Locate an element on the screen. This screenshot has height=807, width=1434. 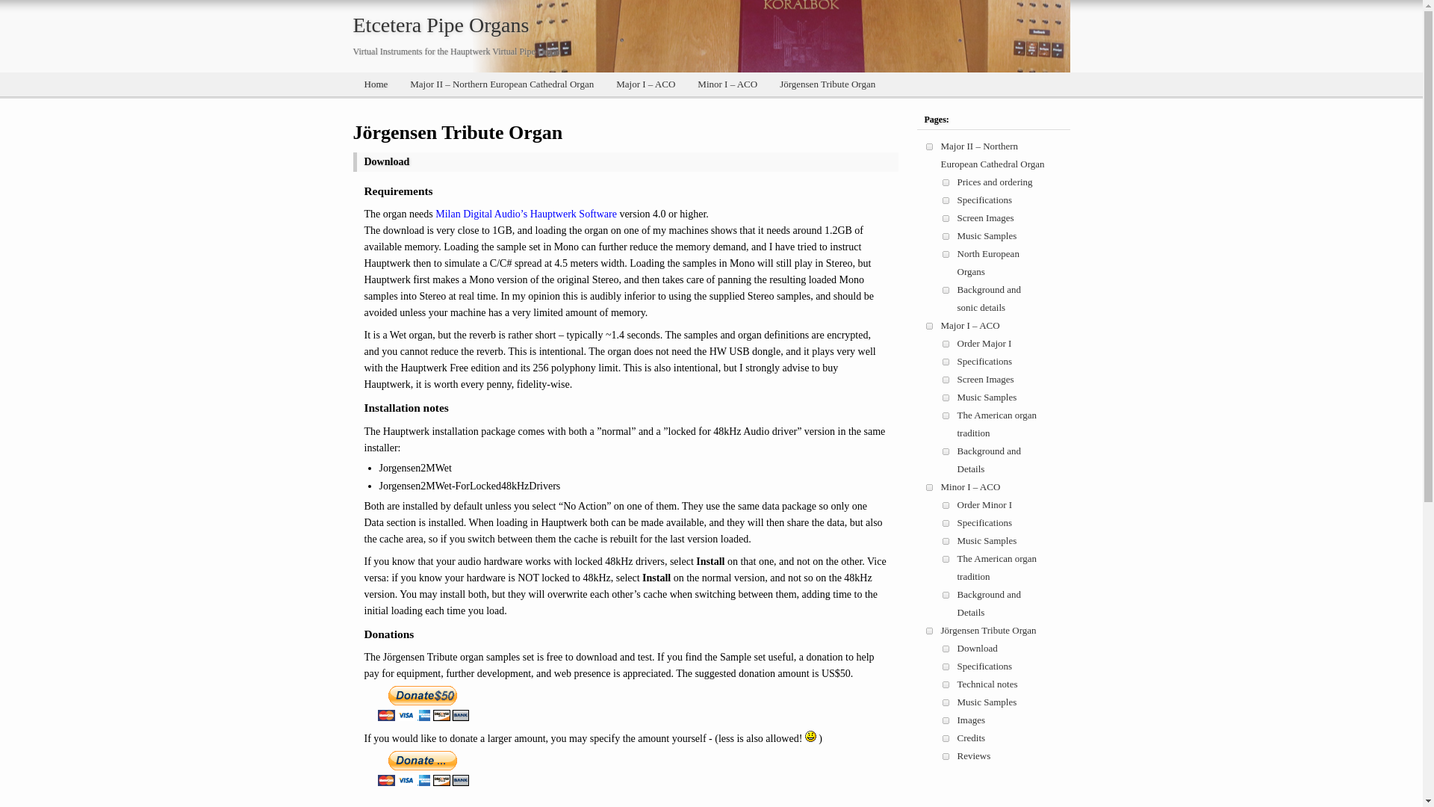
'Background and Details' is located at coordinates (989, 602).